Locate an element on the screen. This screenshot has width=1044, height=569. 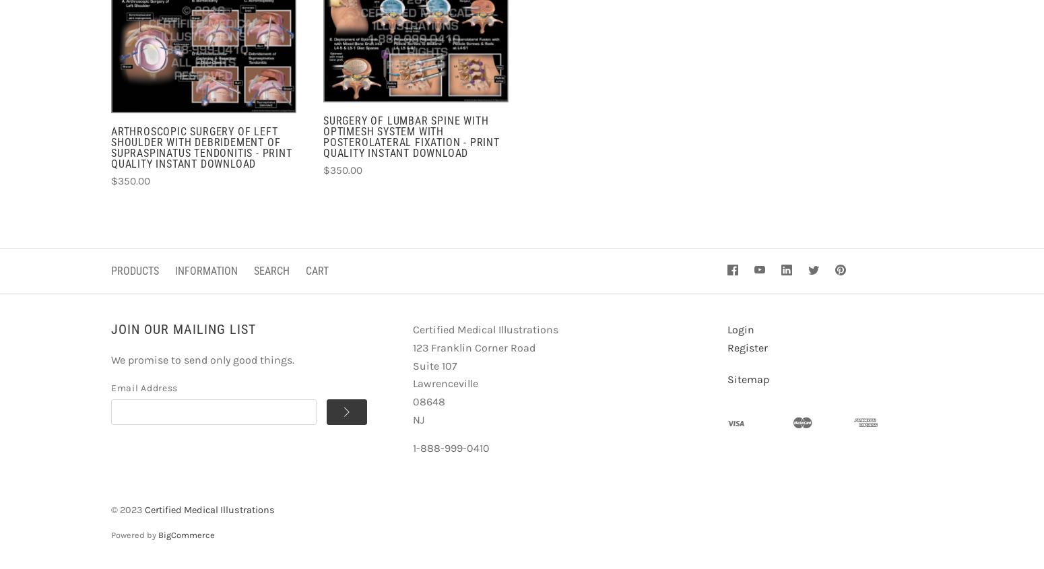
'BigCommerce' is located at coordinates (186, 535).